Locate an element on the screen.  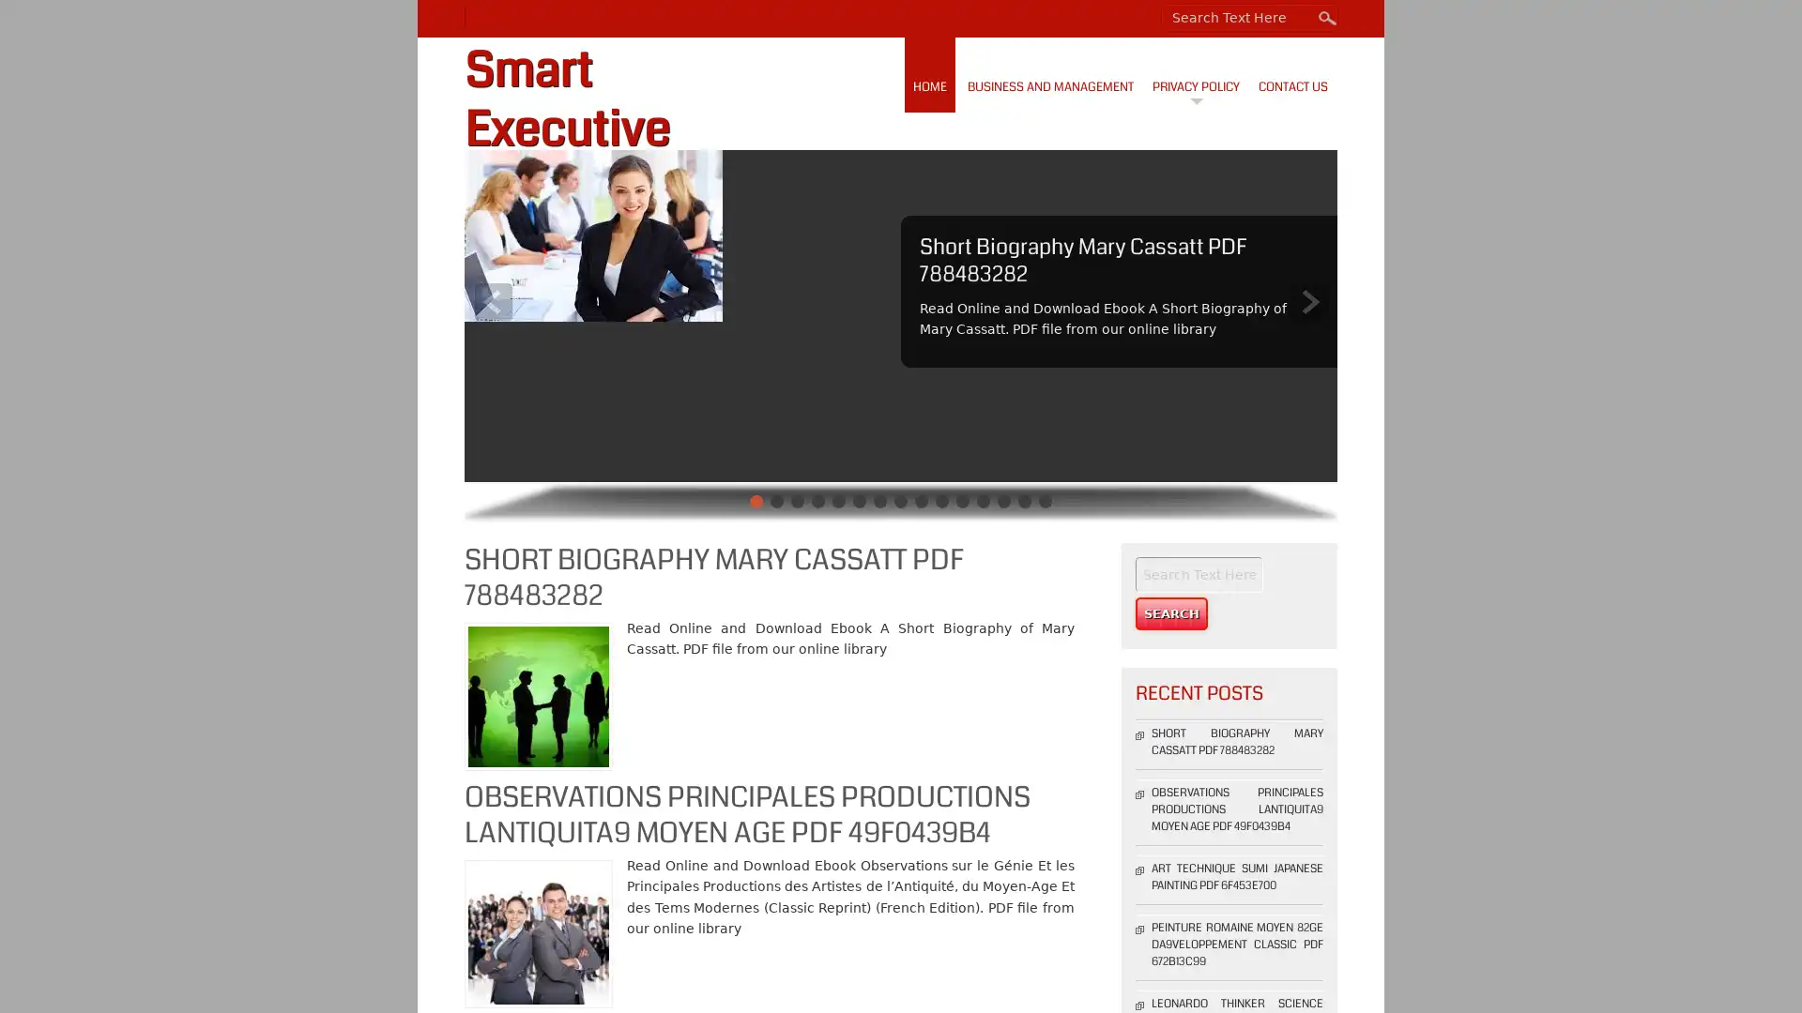
Search is located at coordinates (1170, 613).